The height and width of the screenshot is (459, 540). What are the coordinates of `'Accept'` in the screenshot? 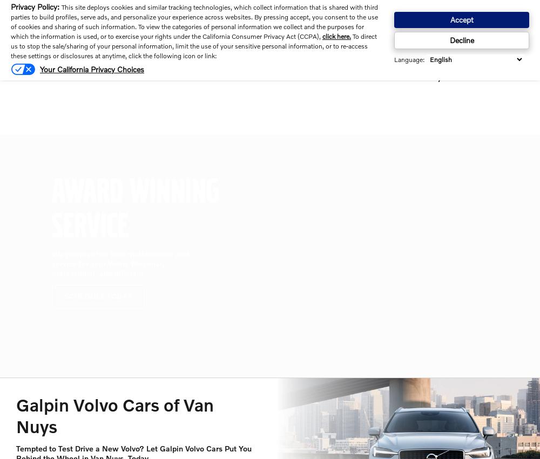 It's located at (461, 18).